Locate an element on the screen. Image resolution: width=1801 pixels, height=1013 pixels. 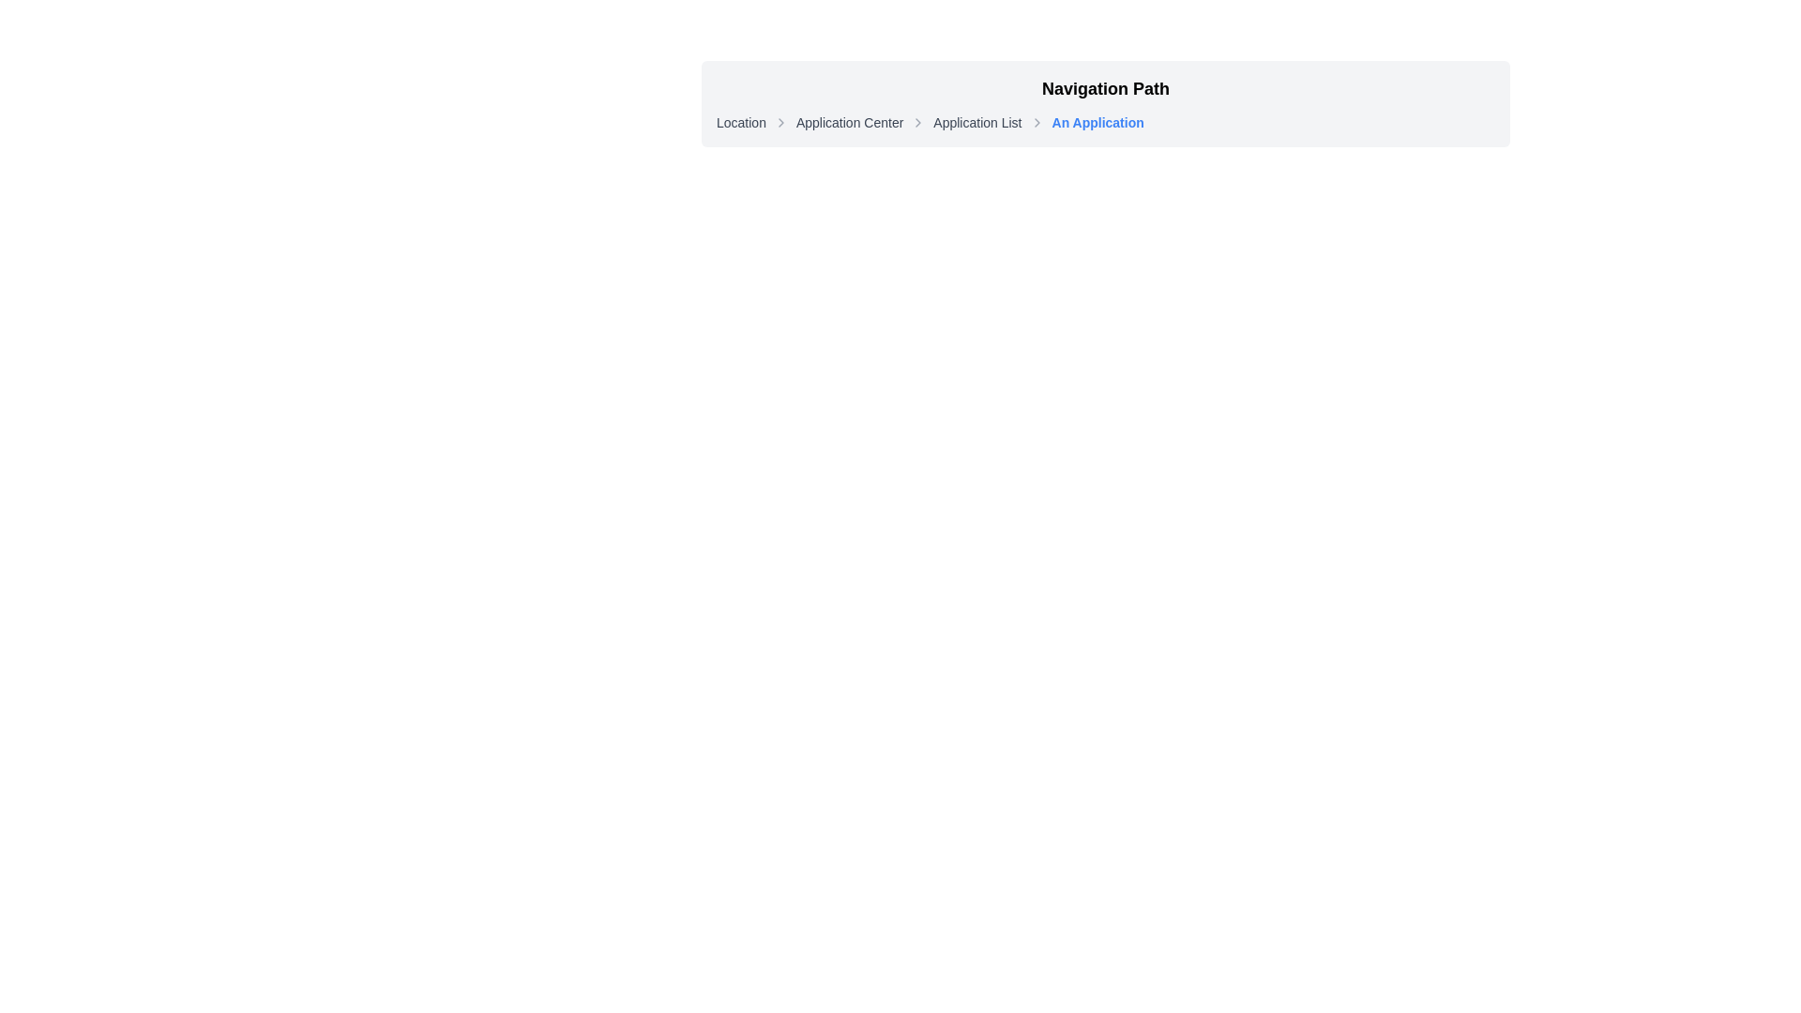
the second interactive text component in the breadcrumb navigation bar, which serves as a link to the 'Application Center' page is located at coordinates (849, 123).